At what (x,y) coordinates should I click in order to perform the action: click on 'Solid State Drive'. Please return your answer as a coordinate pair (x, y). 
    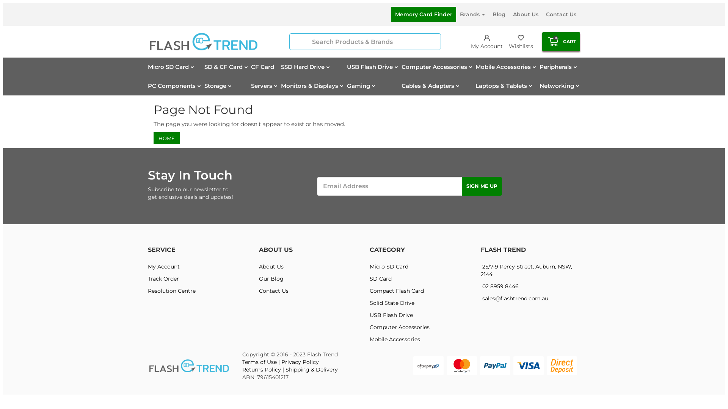
    Looking at the image, I should click on (419, 302).